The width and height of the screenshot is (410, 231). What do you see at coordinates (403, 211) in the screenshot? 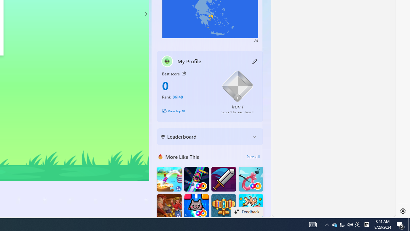
I see `'Settings'` at bounding box center [403, 211].